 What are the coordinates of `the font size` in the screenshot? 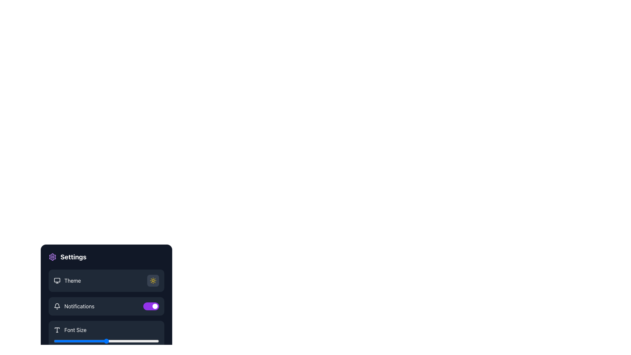 It's located at (96, 341).